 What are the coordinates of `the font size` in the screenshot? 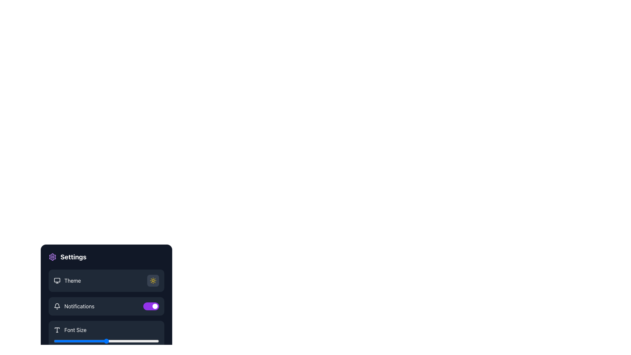 It's located at (96, 341).